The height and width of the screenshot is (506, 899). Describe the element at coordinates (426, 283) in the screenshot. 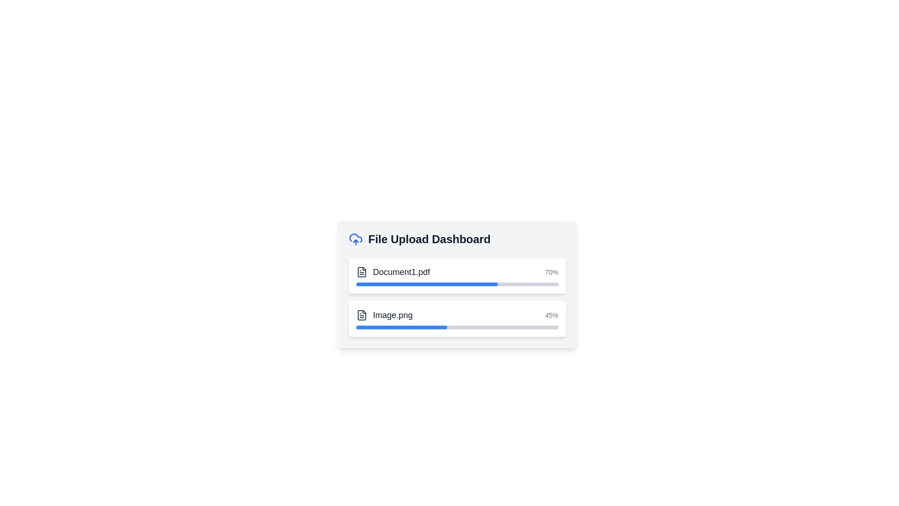

I see `the progress indicator of the file upload for 'Document1.pdf', which visually represents 70% completion in the File Upload Dashboard` at that location.